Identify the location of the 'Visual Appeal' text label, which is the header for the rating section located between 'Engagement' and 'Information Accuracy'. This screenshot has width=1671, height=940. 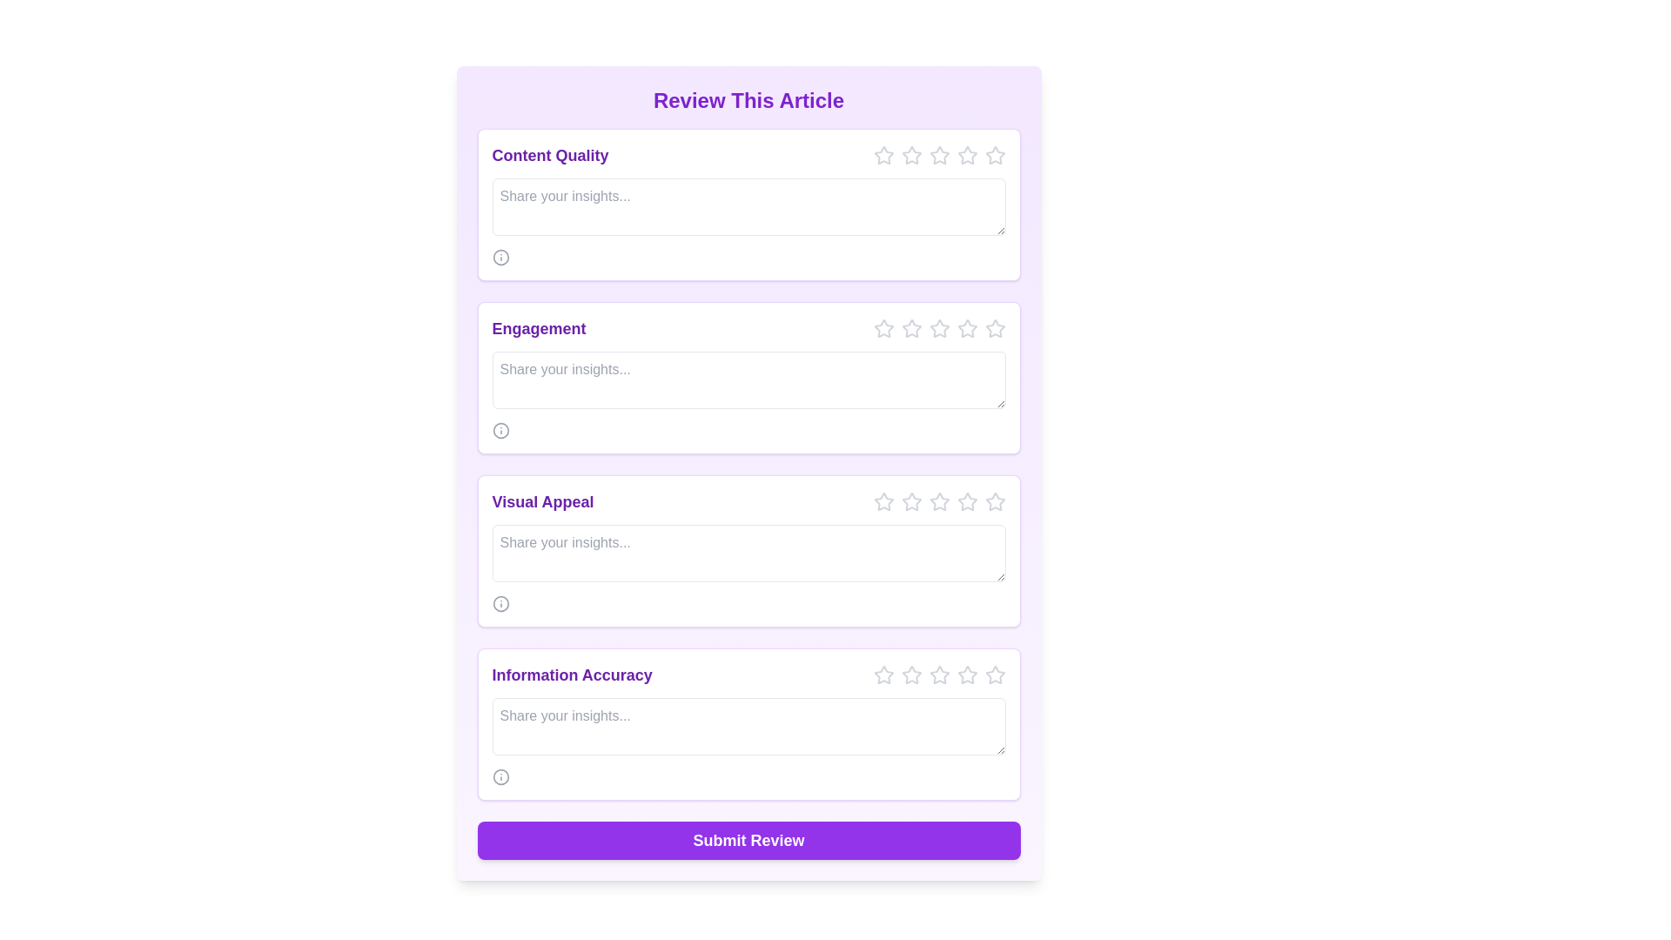
(542, 502).